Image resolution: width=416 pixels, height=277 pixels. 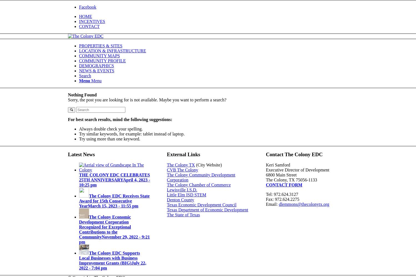 What do you see at coordinates (109, 139) in the screenshot?
I see `'Try using more than one keyword.'` at bounding box center [109, 139].